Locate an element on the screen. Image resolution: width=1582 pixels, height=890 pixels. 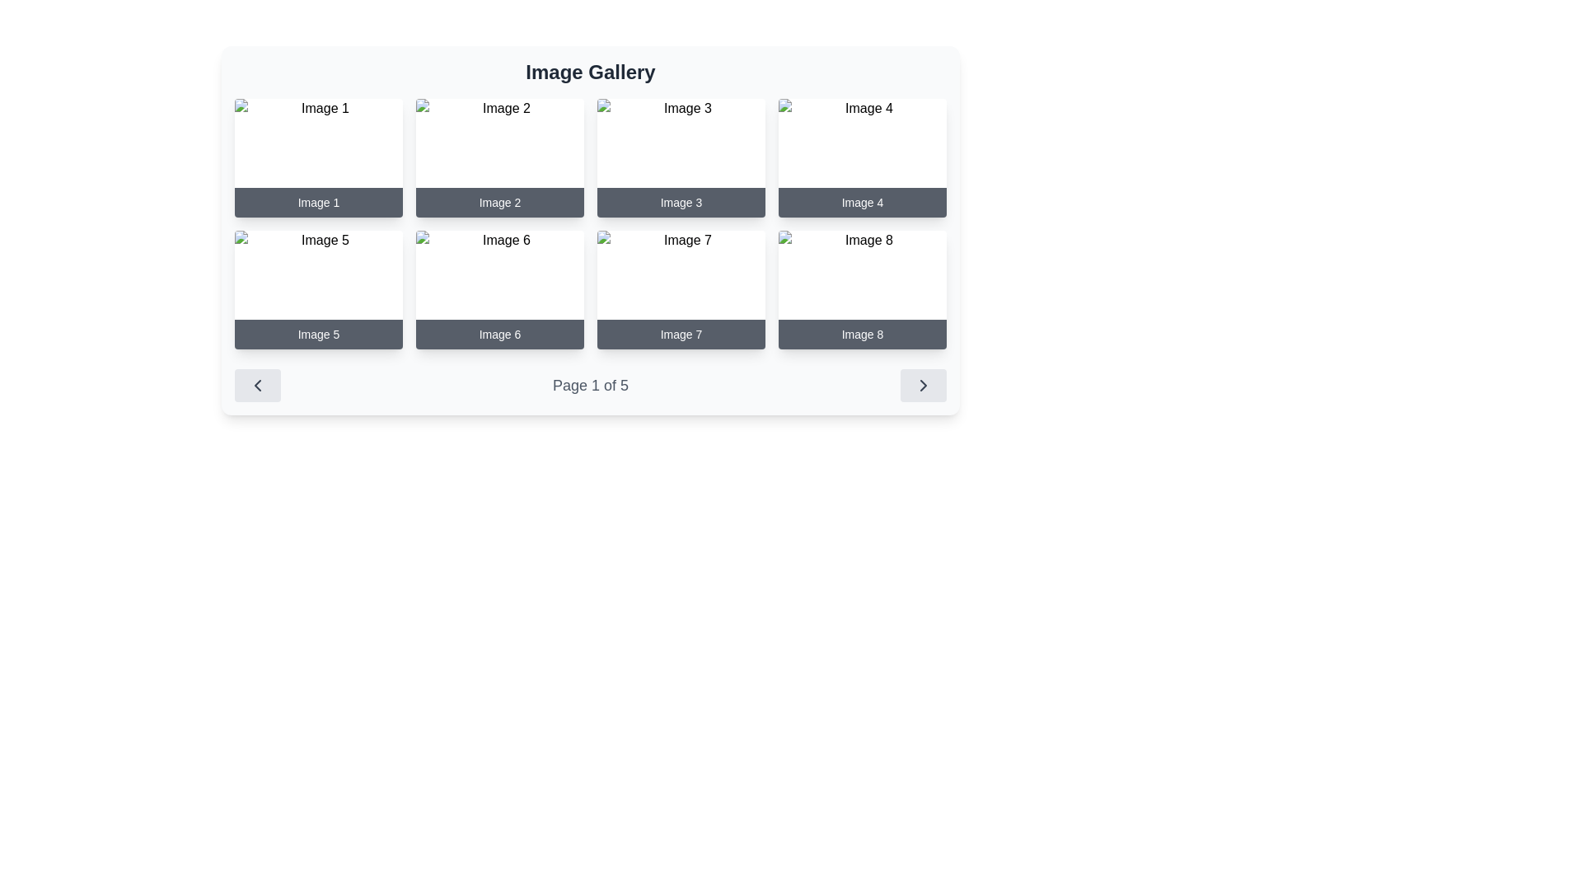
the text label 'Image 1' which is styled with a dark gray background and white text, located at the bottom center of the first card in the first row of the image grid to identify the associated image is located at coordinates (319, 202).